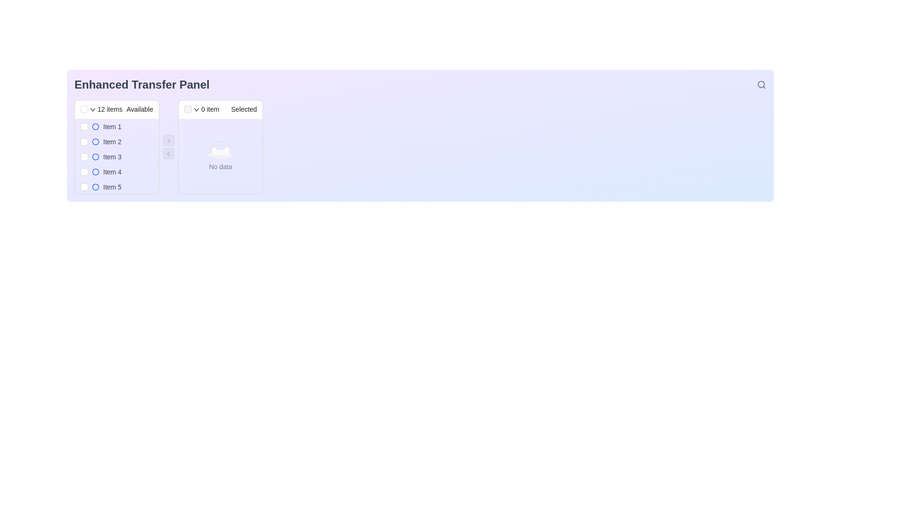 Image resolution: width=905 pixels, height=509 pixels. Describe the element at coordinates (220, 166) in the screenshot. I see `the text label displaying 'No data' that is centered below the graphical placeholder in the 'Selected' column of the transfer panel interface` at that location.